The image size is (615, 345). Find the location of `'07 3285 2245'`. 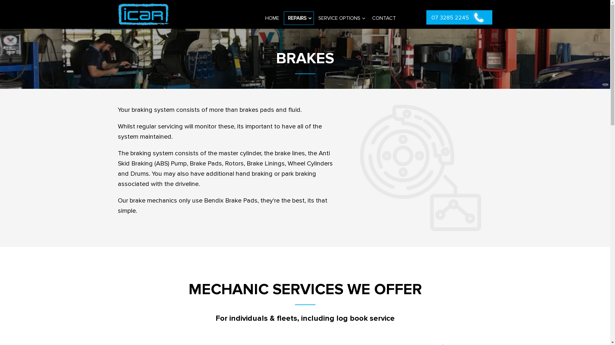

'07 3285 2245' is located at coordinates (459, 17).